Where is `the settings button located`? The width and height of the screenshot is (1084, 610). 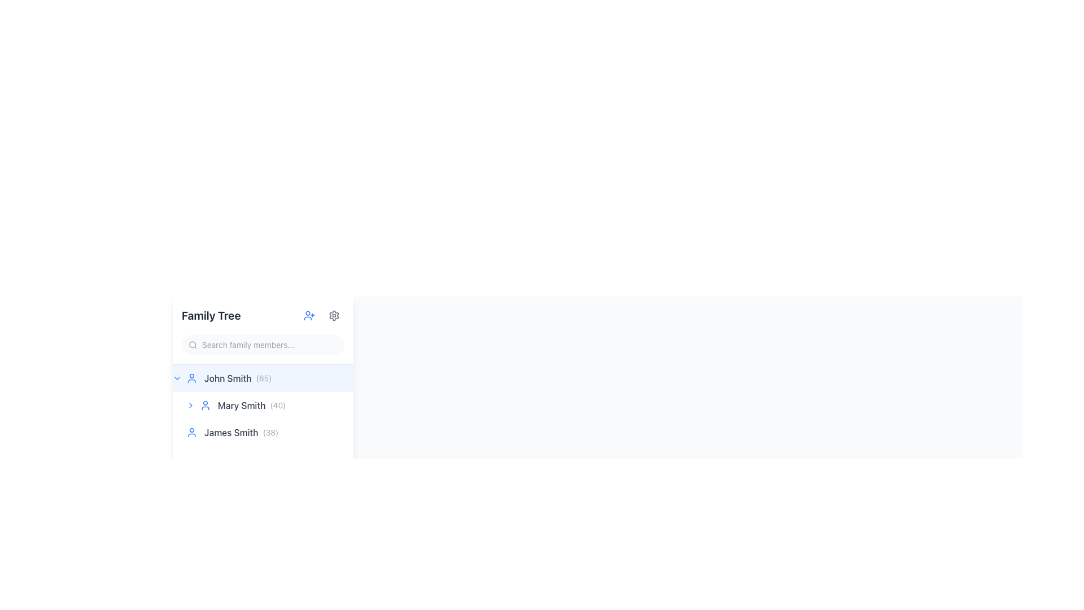
the settings button located is located at coordinates (333, 316).